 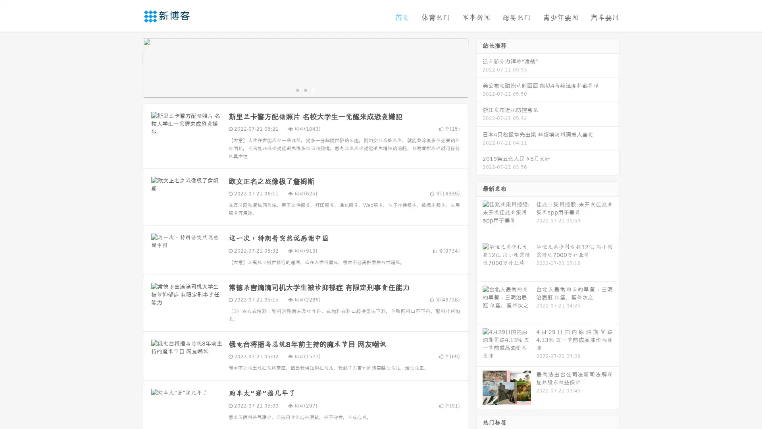 I want to click on Go to slide 1, so click(x=297, y=89).